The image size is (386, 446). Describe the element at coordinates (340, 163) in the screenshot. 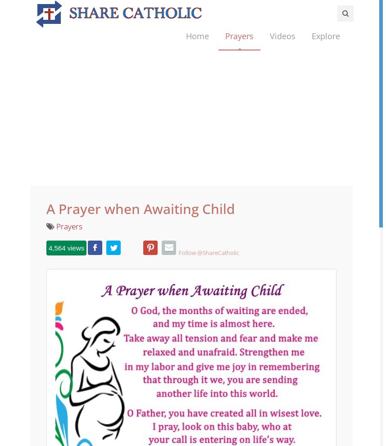

I see `'Marriage & Family'` at that location.